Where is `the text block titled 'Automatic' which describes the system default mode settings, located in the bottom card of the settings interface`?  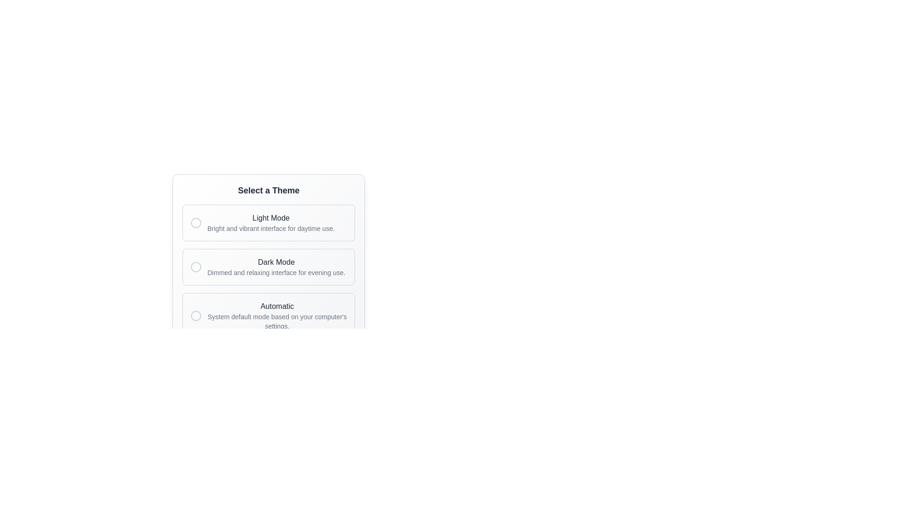 the text block titled 'Automatic' which describes the system default mode settings, located in the bottom card of the settings interface is located at coordinates (277, 315).